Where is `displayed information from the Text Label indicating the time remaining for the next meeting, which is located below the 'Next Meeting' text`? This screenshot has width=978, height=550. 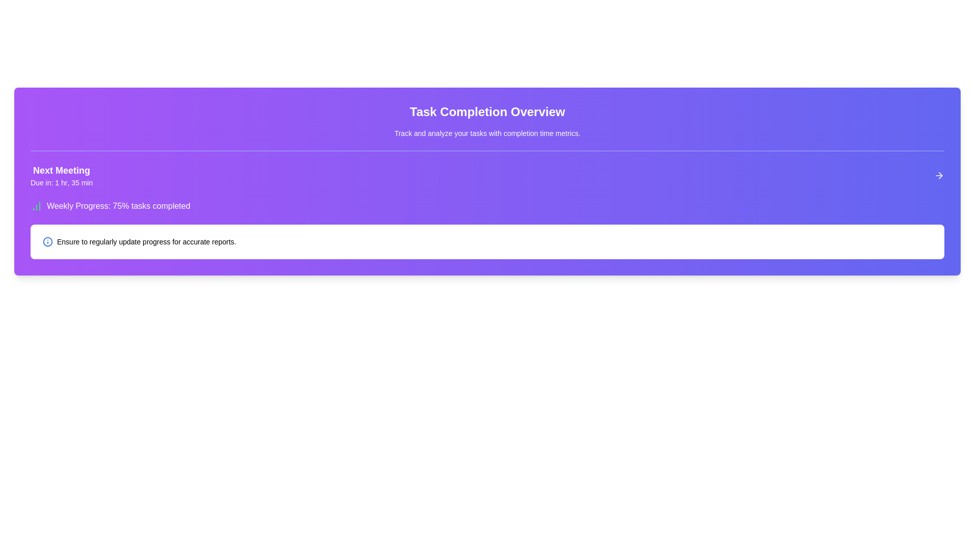
displayed information from the Text Label indicating the time remaining for the next meeting, which is located below the 'Next Meeting' text is located at coordinates (61, 182).